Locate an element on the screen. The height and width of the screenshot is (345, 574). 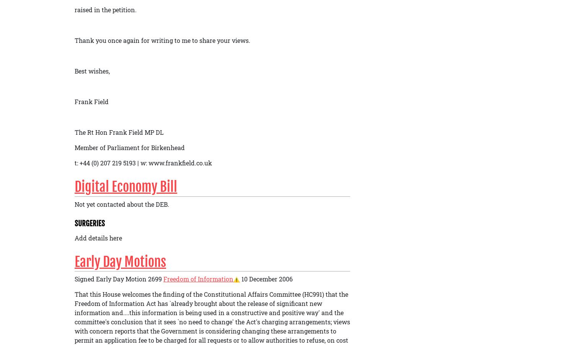
'Digital Economy Bill' is located at coordinates (125, 186).